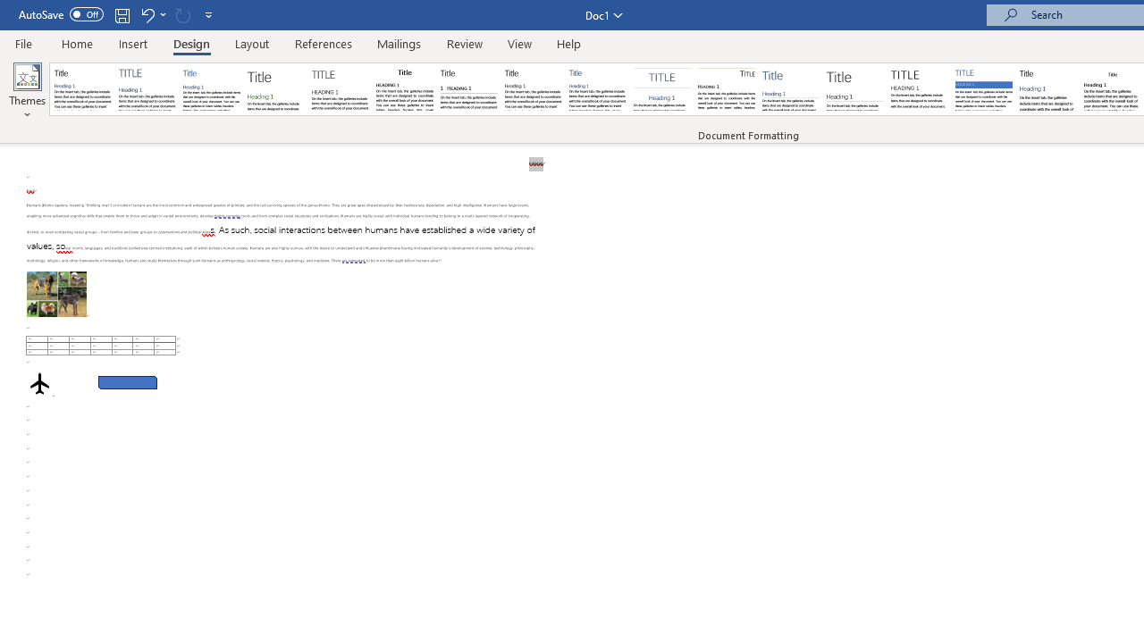  Describe the element at coordinates (275, 89) in the screenshot. I see `'Basic (Stylish)'` at that location.